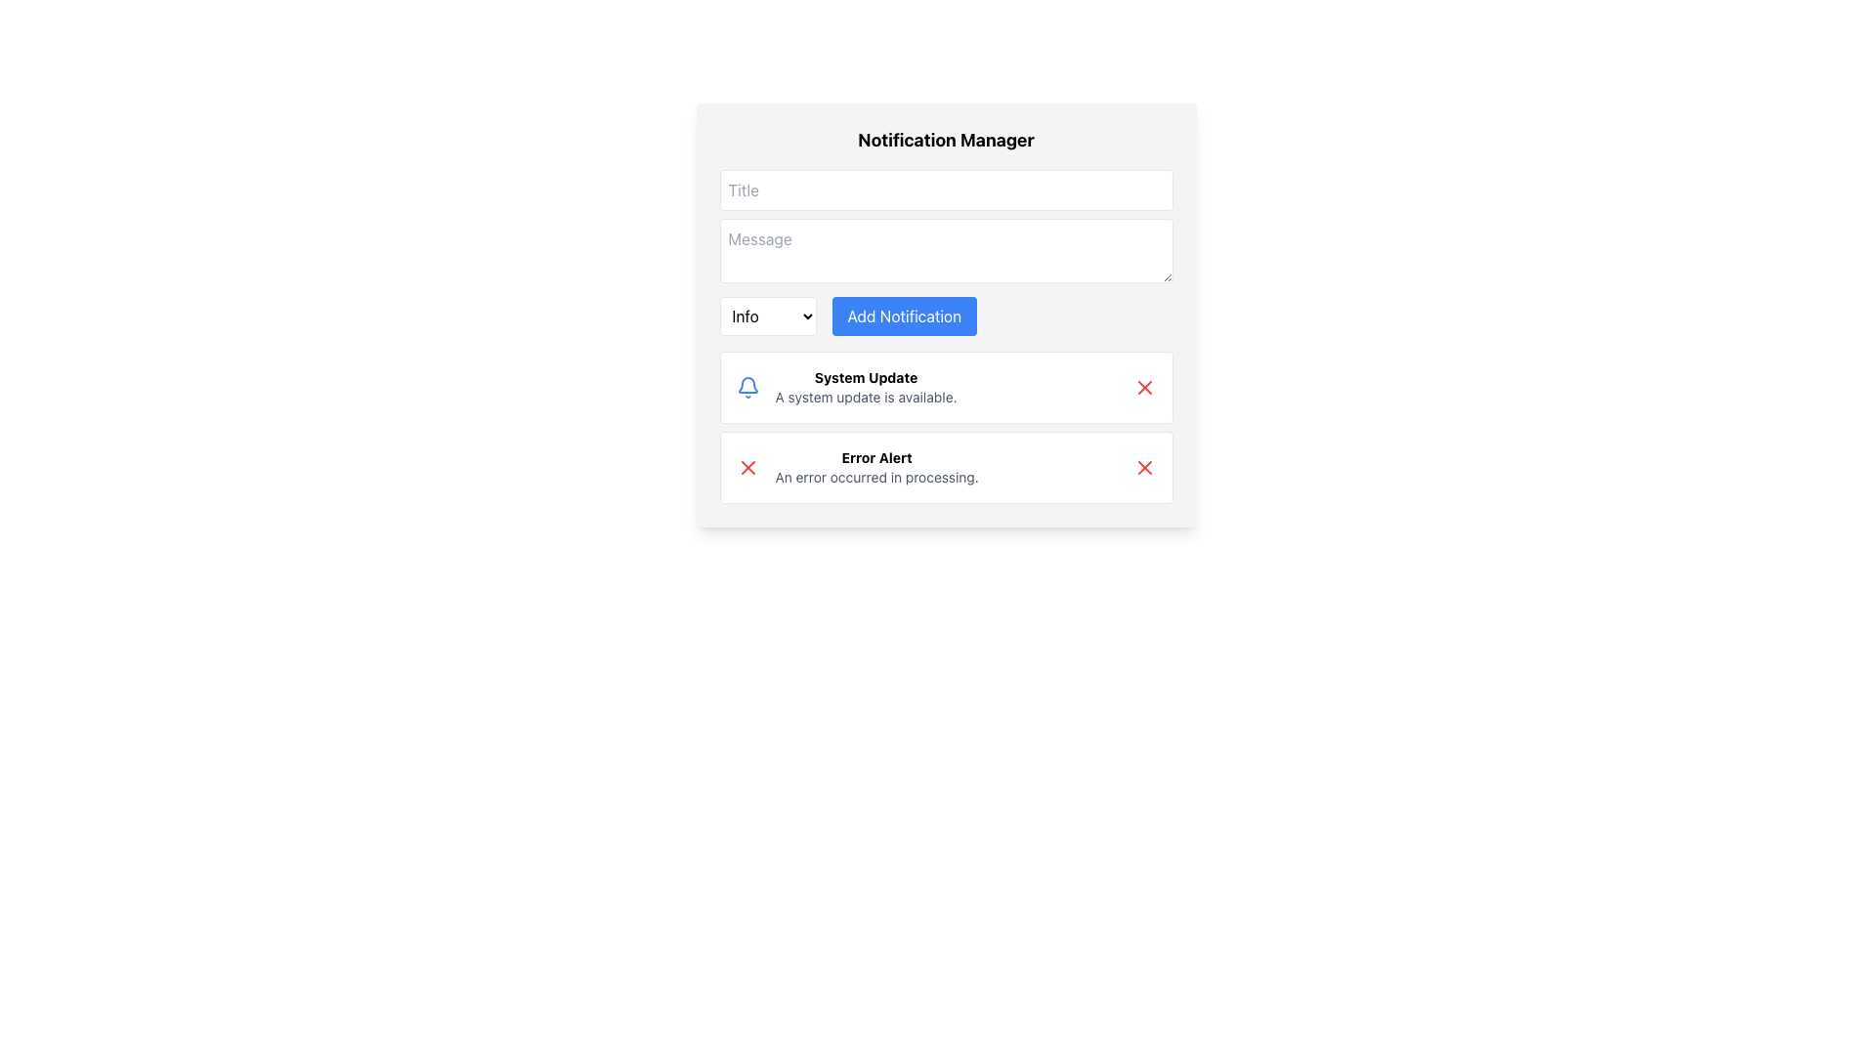 This screenshot has height=1055, width=1876. What do you see at coordinates (946, 315) in the screenshot?
I see `the 'Add Notification' button located in the 'Notification Manager' interface for accessibility` at bounding box center [946, 315].